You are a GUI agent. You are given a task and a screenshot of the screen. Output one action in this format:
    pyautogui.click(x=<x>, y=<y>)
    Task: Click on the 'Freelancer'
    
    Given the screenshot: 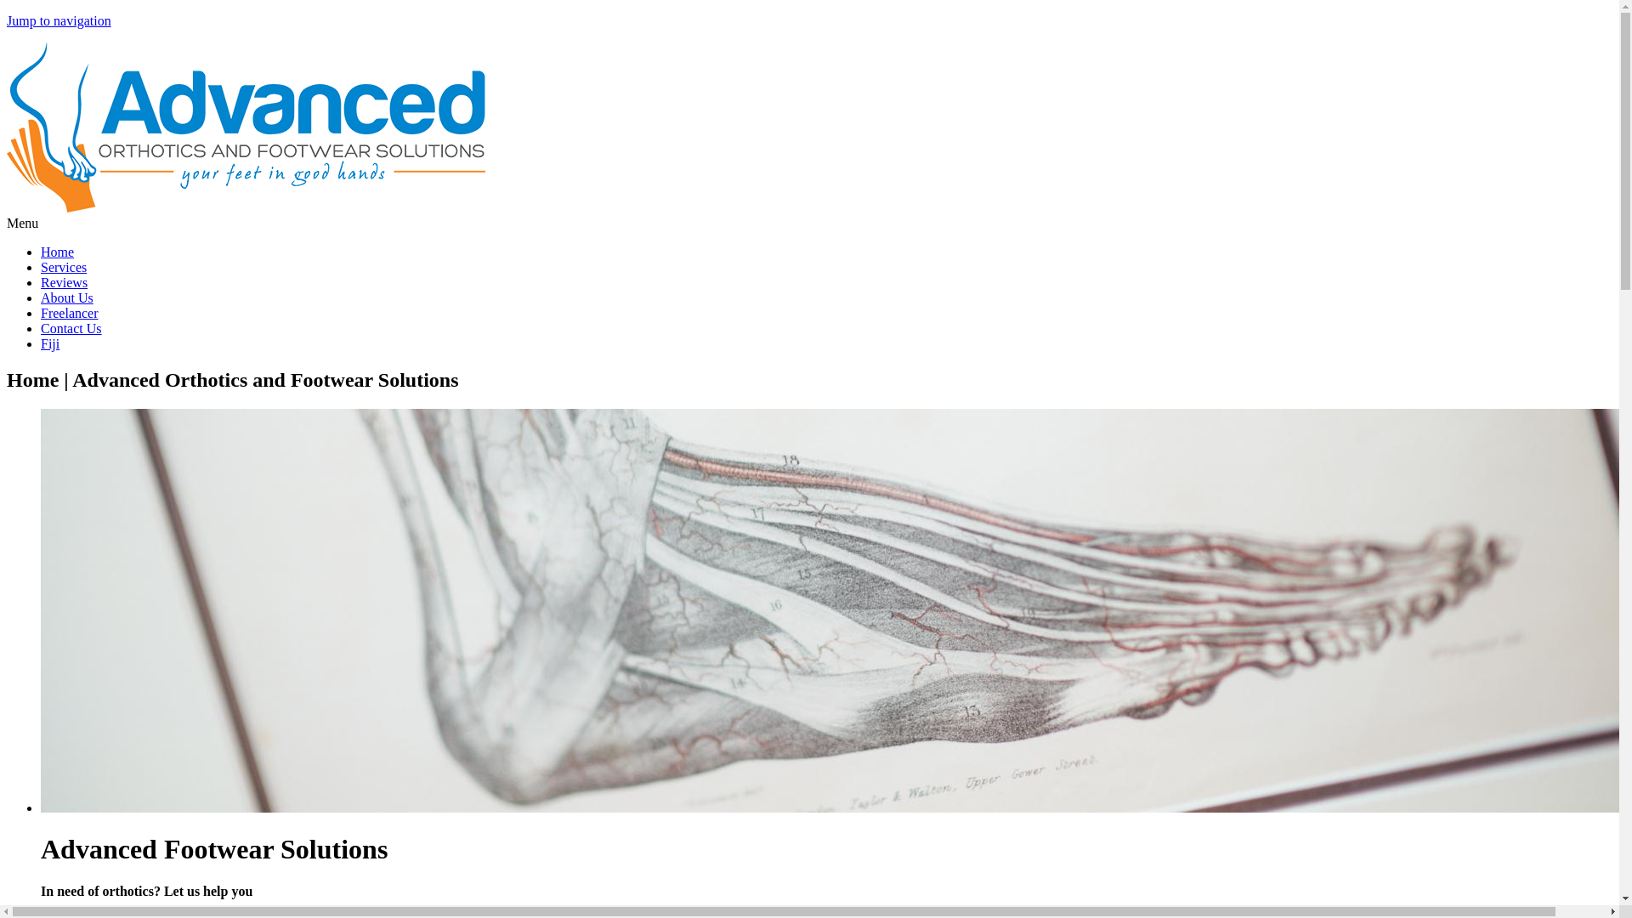 What is the action you would take?
    pyautogui.click(x=68, y=313)
    